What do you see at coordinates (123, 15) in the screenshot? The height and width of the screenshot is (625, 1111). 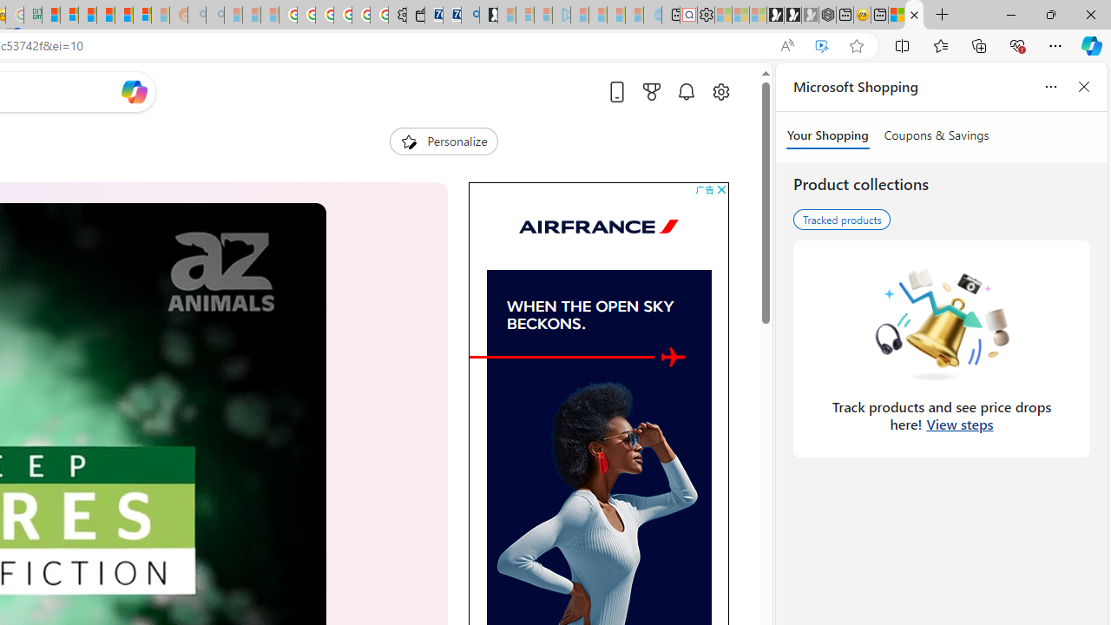 I see `'Kinda Frugal - MSN'` at bounding box center [123, 15].